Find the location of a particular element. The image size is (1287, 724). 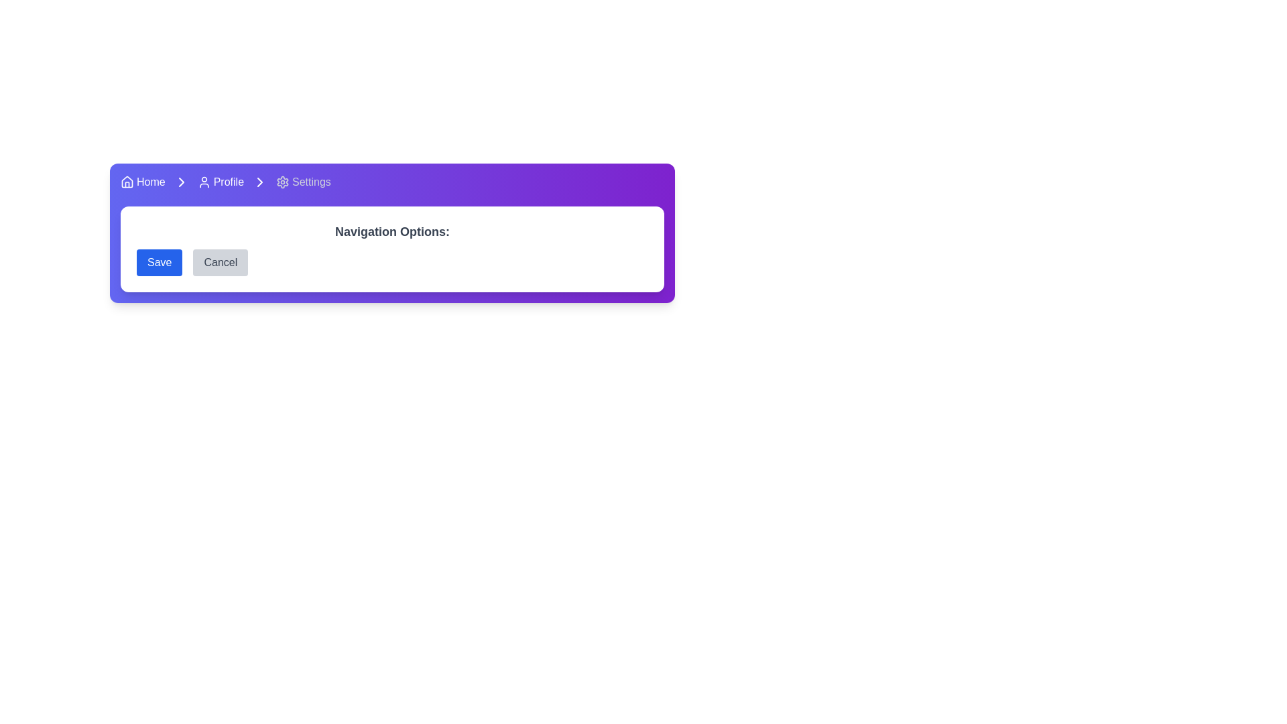

the gear-like SVG graphic in the 'Settings' breadcrumb navigation bar, which features a central hub and radiating teeth is located at coordinates (282, 182).